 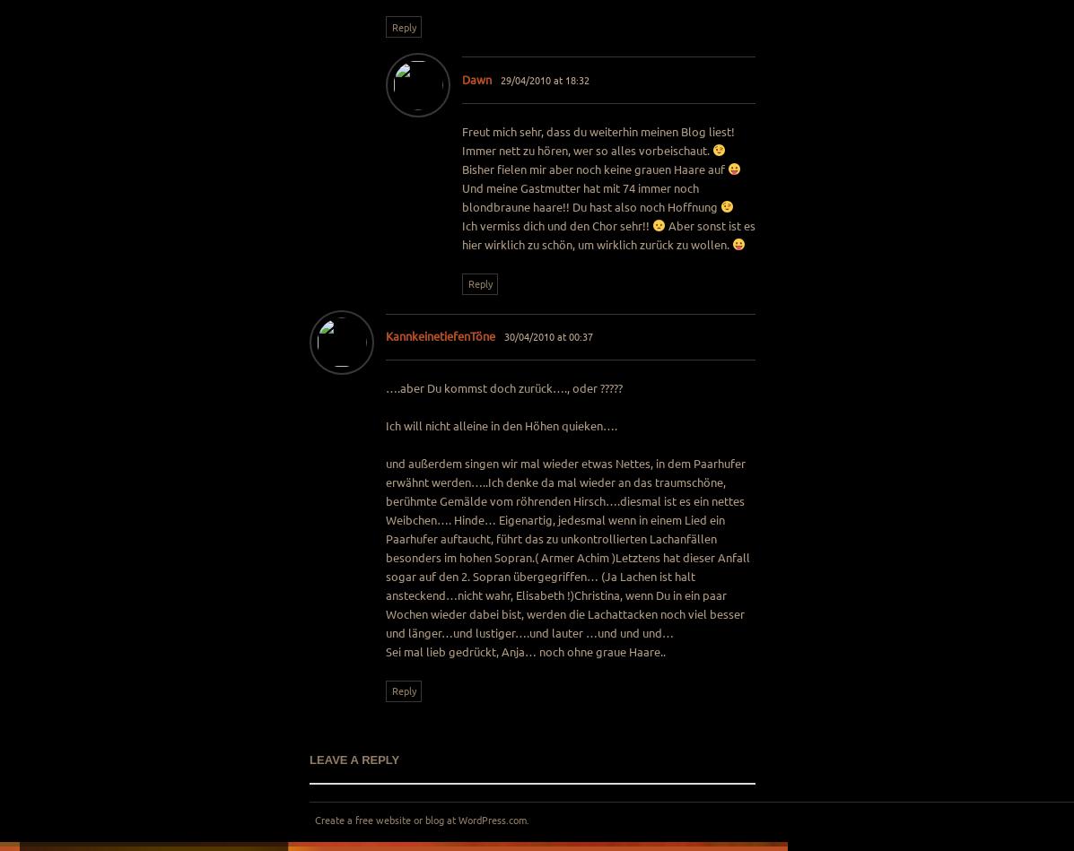 I want to click on 'Freut mich sehr, dass du weiterhin meinen Blog liest! Immer nett zu hören, wer so alles vorbeischaut.', so click(x=597, y=140).